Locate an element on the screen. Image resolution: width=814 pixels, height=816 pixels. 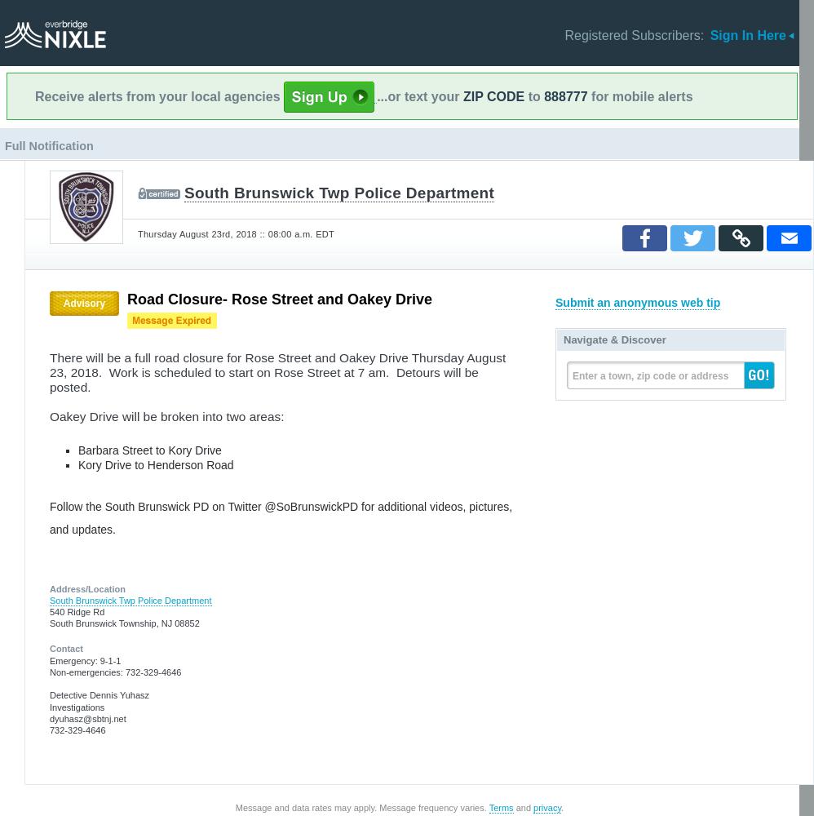
'540 Ridge Rd' is located at coordinates (76, 612).